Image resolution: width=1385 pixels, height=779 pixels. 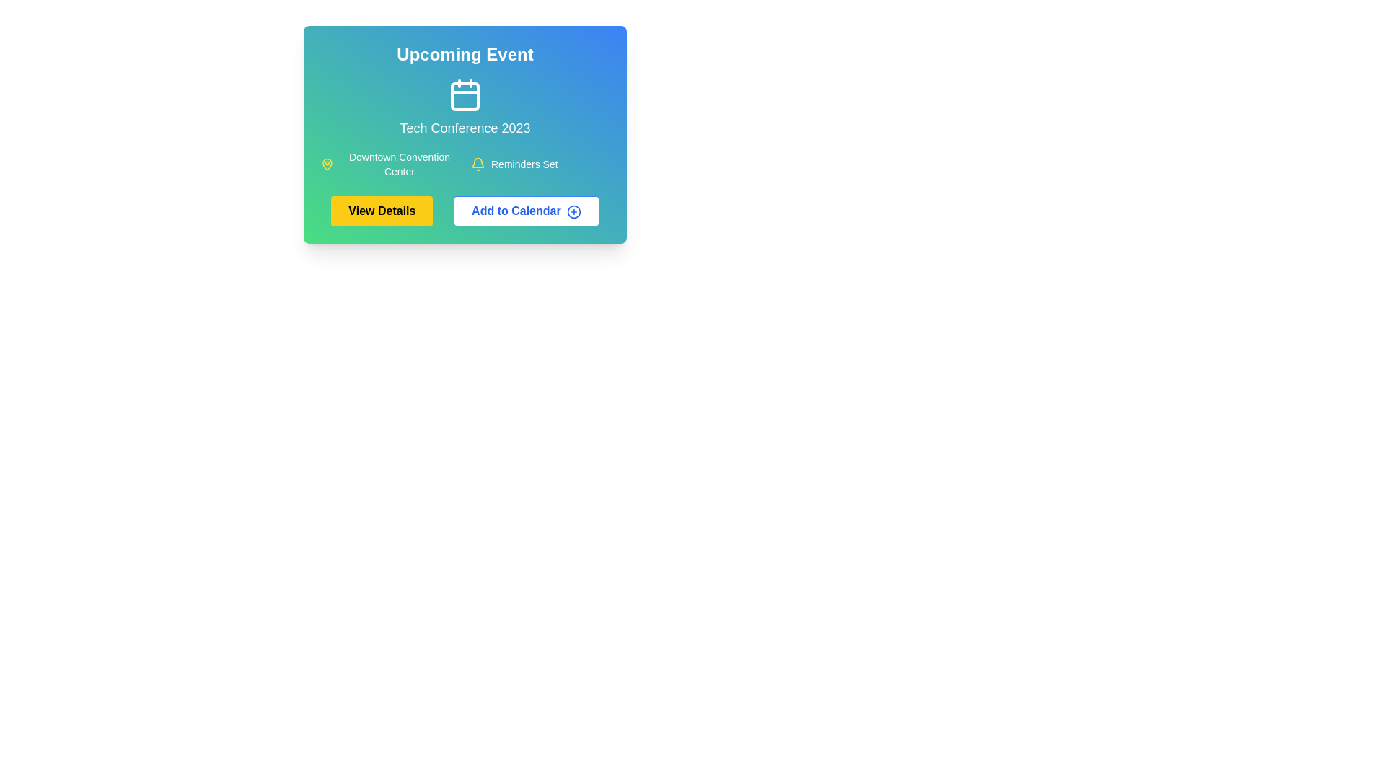 What do you see at coordinates (478, 162) in the screenshot?
I see `the central body section of the bell icon located at the center-top of the card, which has a distinct outline and no fill colors` at bounding box center [478, 162].